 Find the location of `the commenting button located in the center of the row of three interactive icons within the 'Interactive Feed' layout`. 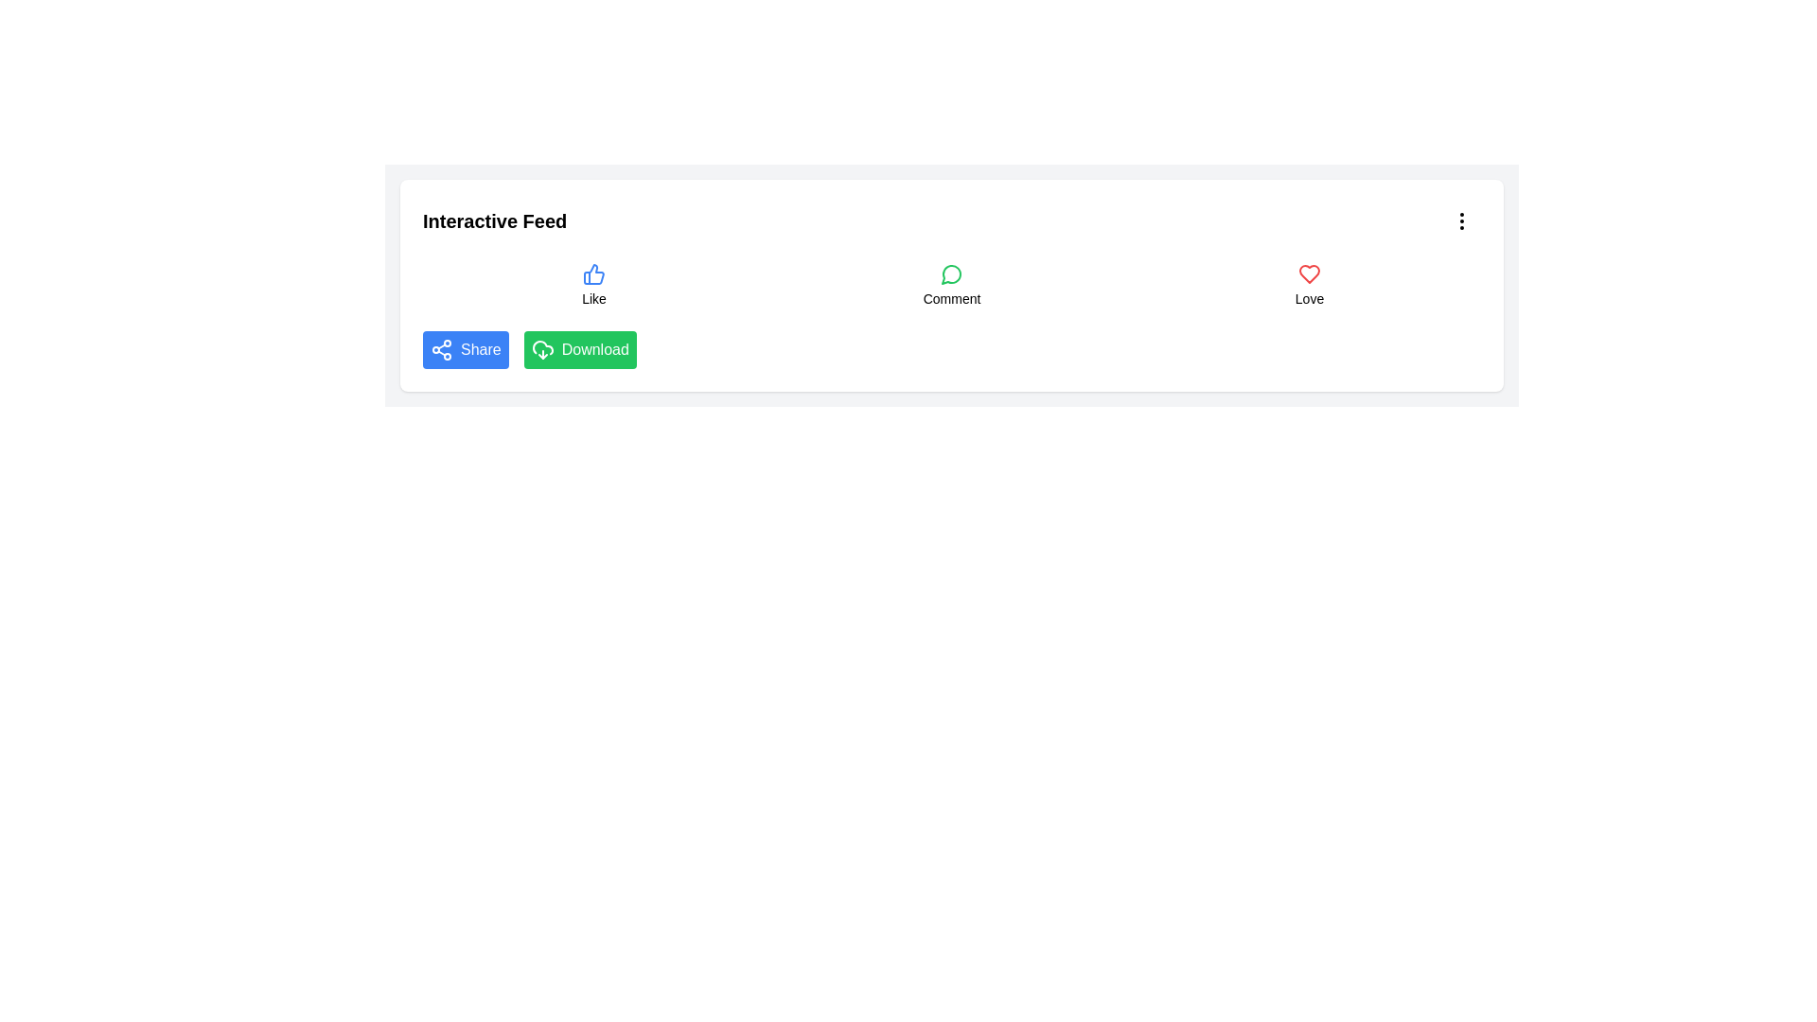

the commenting button located in the center of the row of three interactive icons within the 'Interactive Feed' layout is located at coordinates (952, 285).